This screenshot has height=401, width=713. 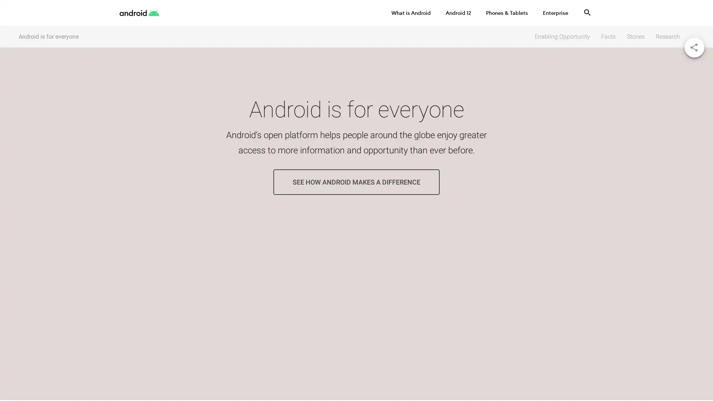 I want to click on Share, so click(x=694, y=47).